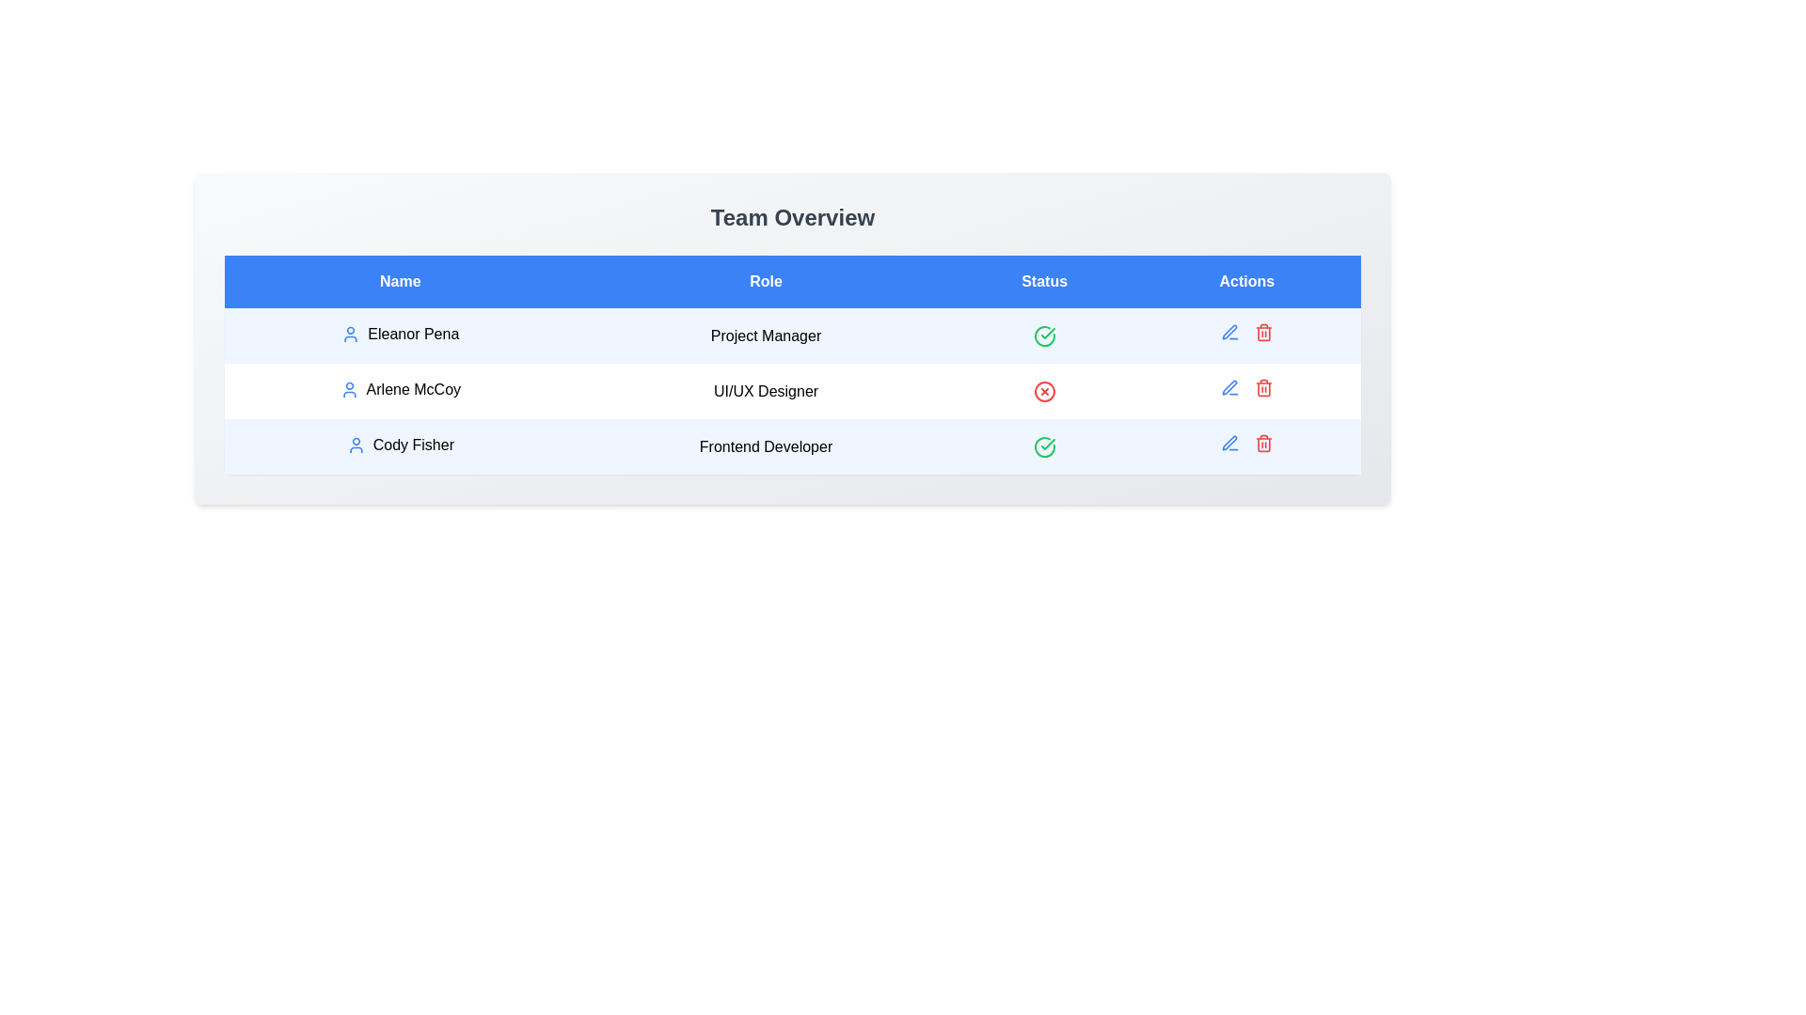 The height and width of the screenshot is (1015, 1806). What do you see at coordinates (356, 445) in the screenshot?
I see `the user profile icon for 'Cody Fisher' located to the left of the text within the last row of the 'Team Overview' tabular layout` at bounding box center [356, 445].